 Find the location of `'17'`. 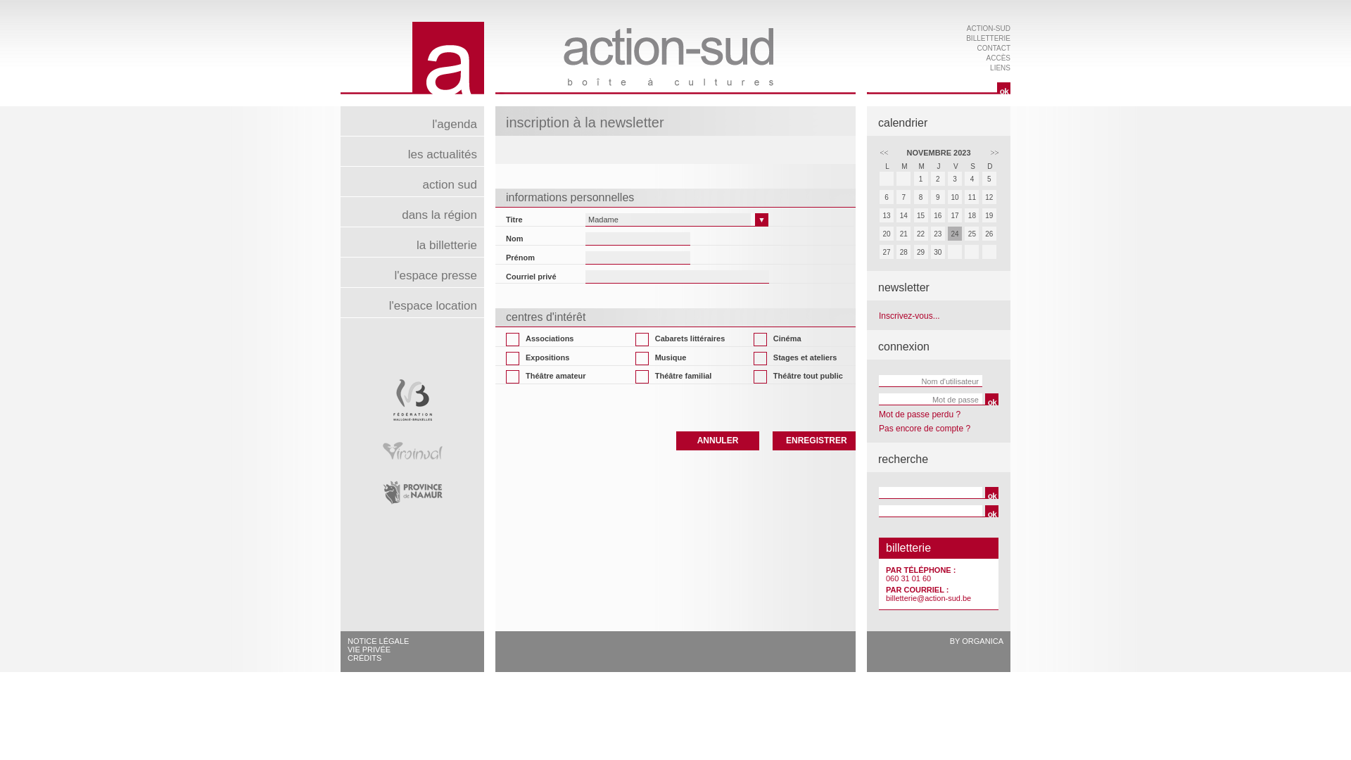

'17' is located at coordinates (956, 217).